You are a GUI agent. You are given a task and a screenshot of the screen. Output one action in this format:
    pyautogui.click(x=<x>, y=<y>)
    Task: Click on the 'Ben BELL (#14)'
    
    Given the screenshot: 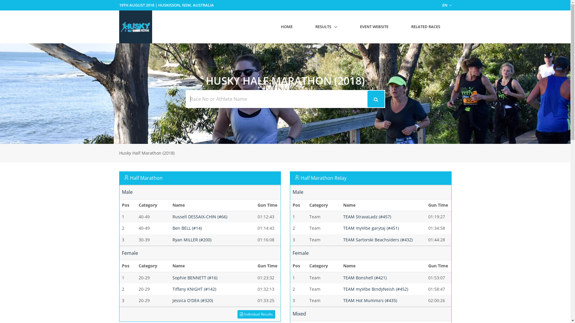 What is the action you would take?
    pyautogui.click(x=187, y=228)
    